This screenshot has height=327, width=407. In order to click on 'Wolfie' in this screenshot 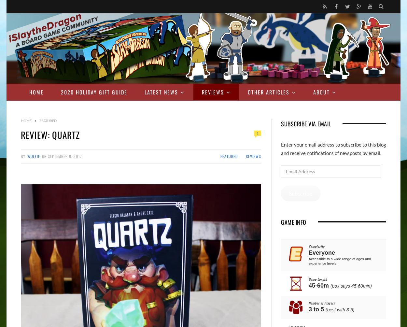, I will do `click(33, 156)`.